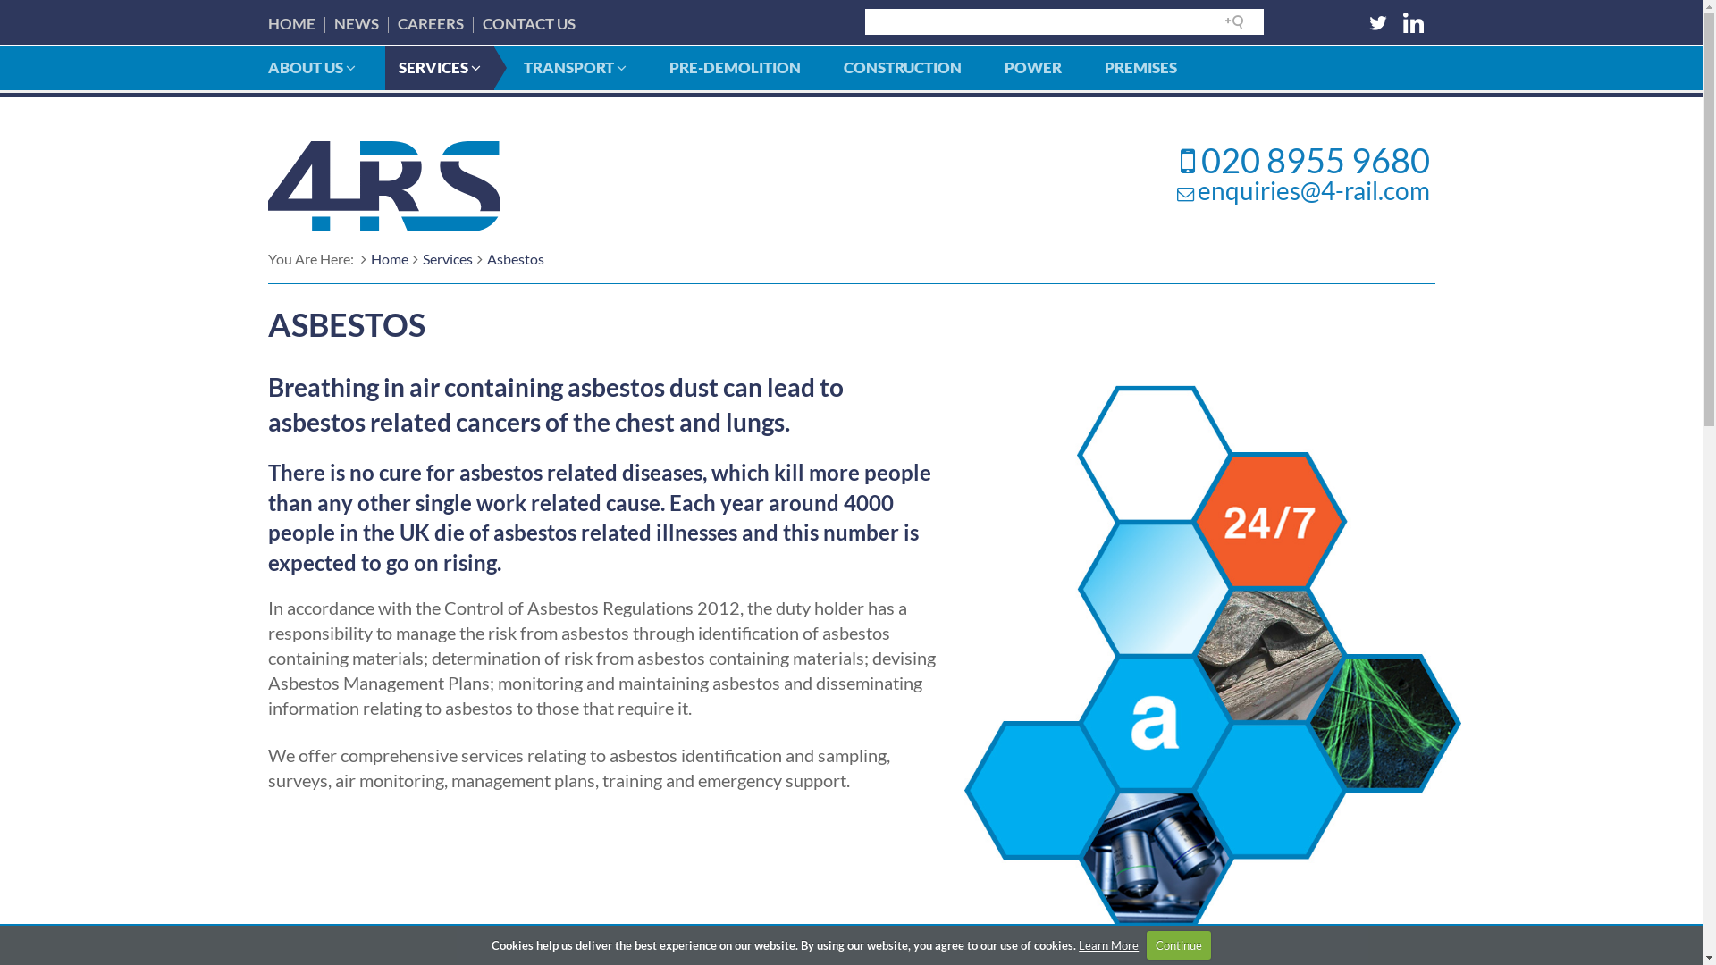  What do you see at coordinates (1179, 944) in the screenshot?
I see `'Continue'` at bounding box center [1179, 944].